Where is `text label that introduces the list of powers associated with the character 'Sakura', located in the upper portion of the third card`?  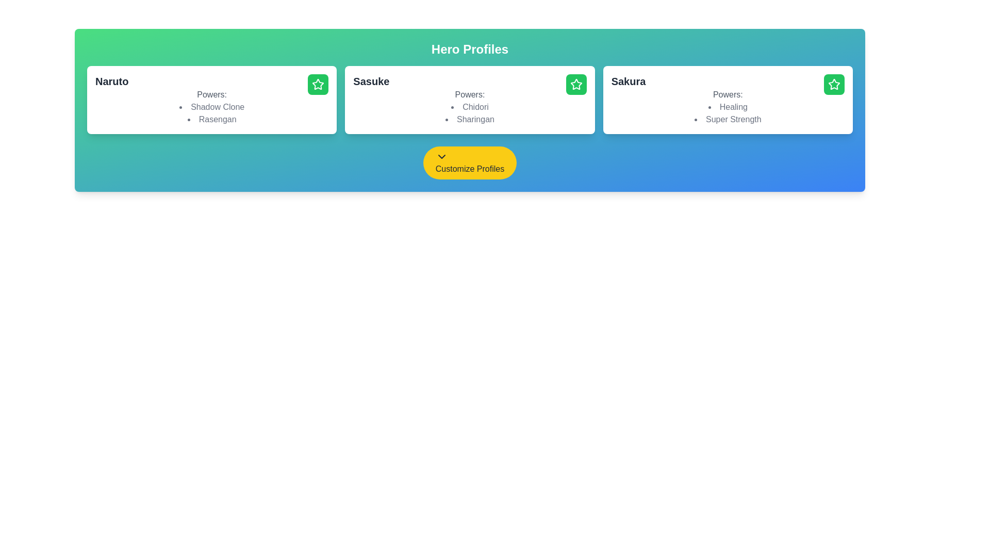 text label that introduces the list of powers associated with the character 'Sakura', located in the upper portion of the third card is located at coordinates (727, 95).